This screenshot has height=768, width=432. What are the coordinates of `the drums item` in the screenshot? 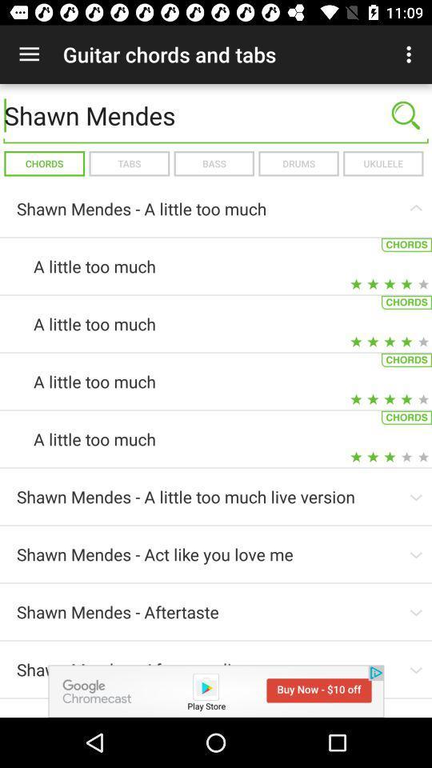 It's located at (298, 163).